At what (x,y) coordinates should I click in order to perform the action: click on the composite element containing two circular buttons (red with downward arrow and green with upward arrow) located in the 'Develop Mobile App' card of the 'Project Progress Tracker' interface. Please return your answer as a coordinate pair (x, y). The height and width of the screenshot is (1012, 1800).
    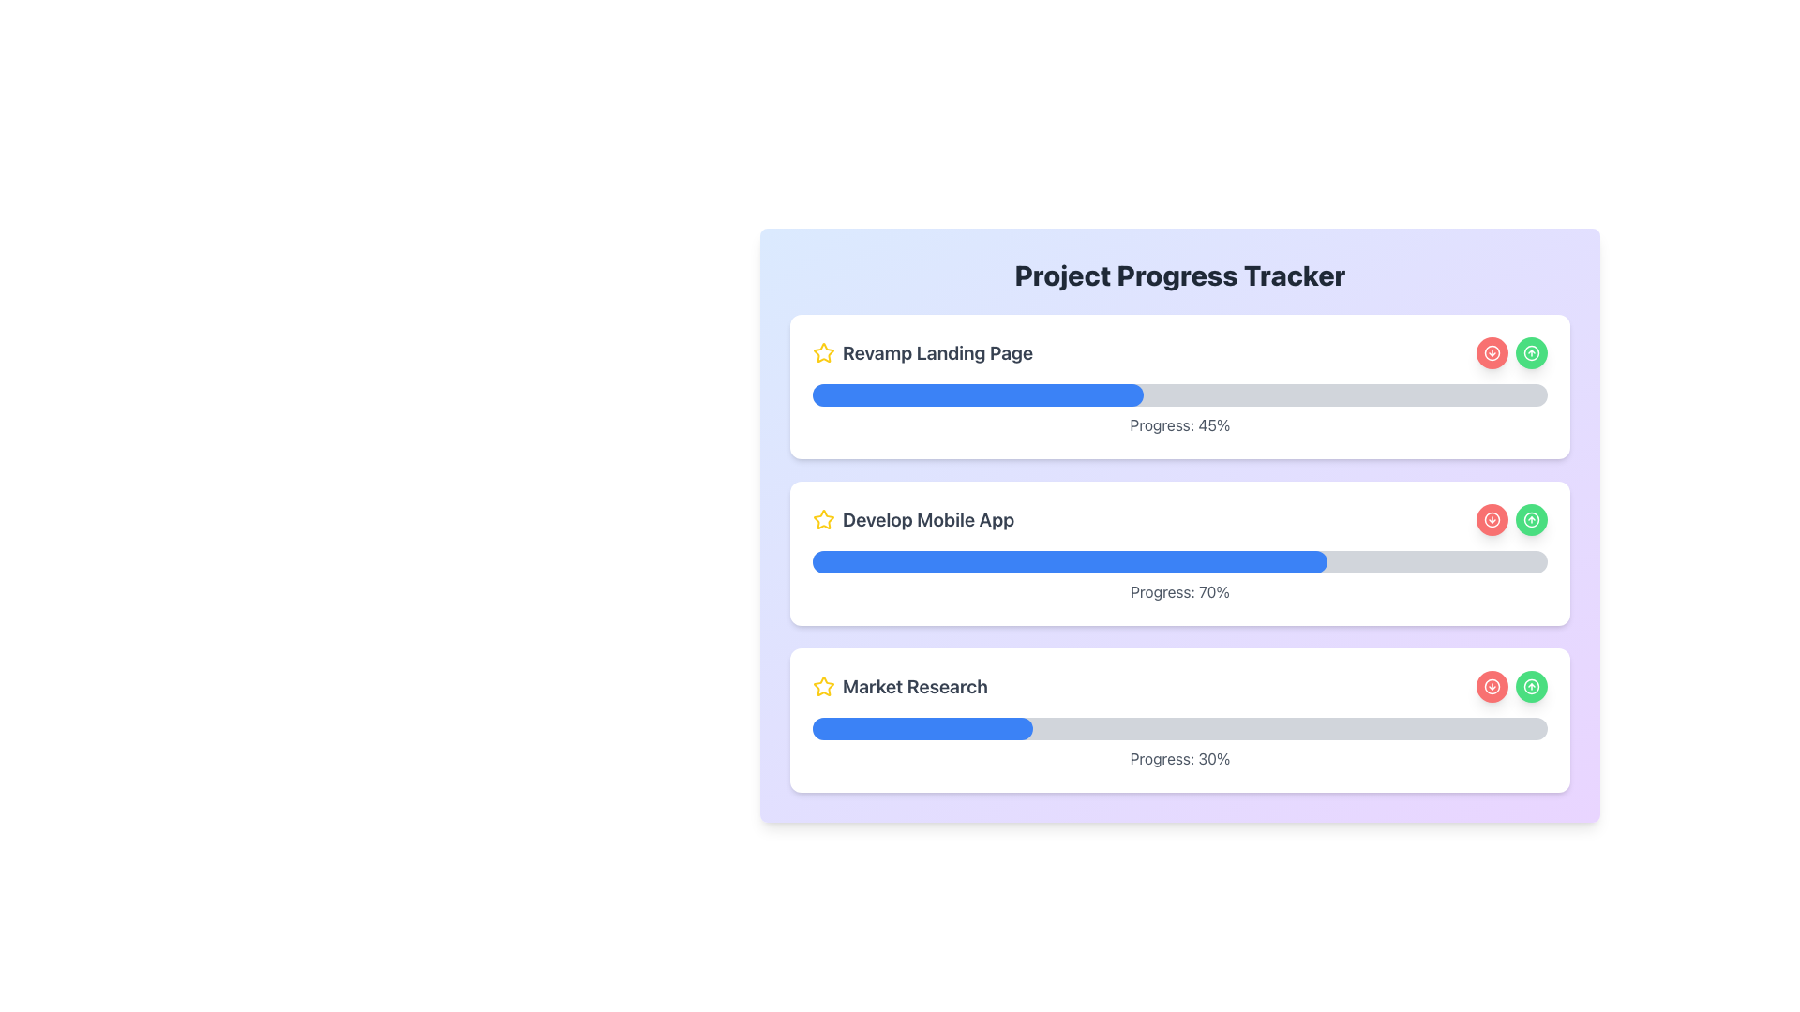
    Looking at the image, I should click on (1511, 520).